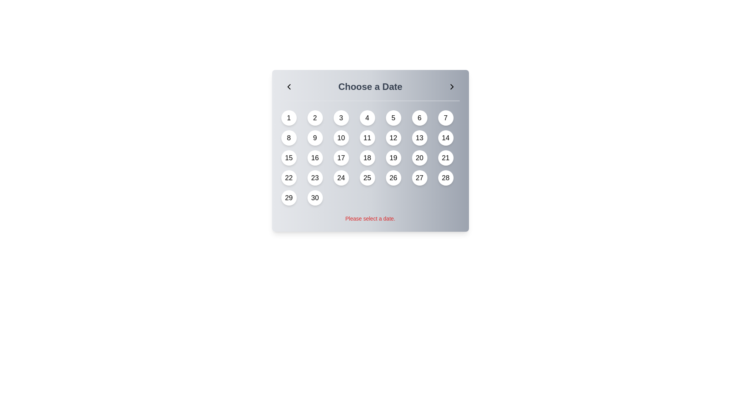  I want to click on the circular button with a white background and black text displaying the number '3', so click(341, 118).